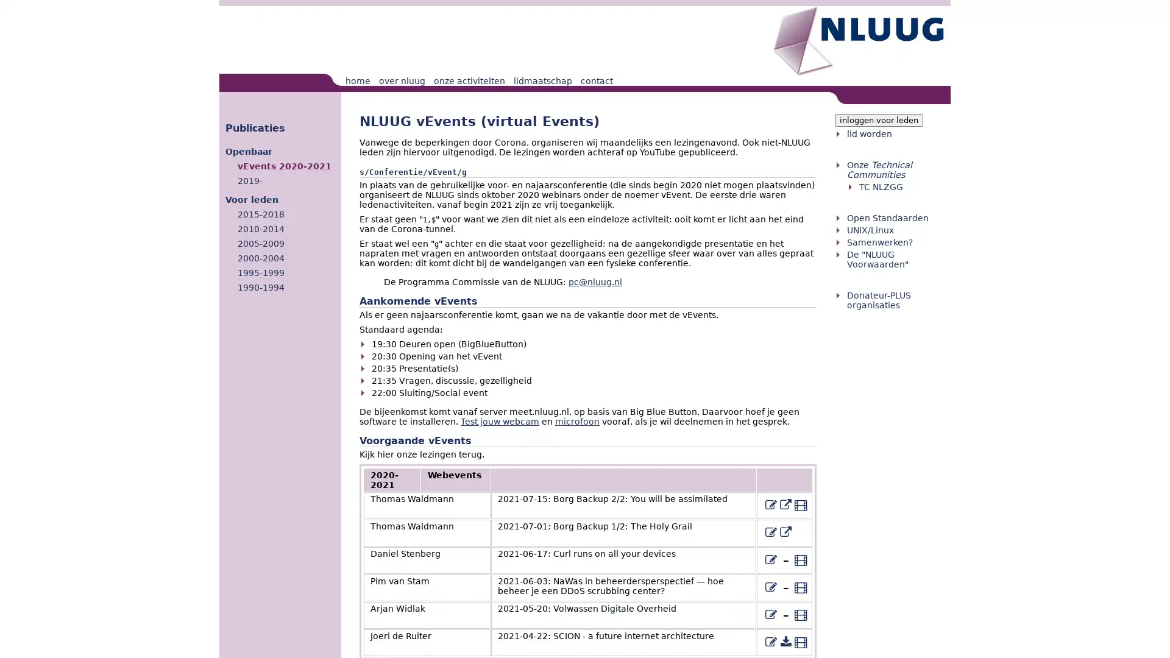 This screenshot has height=658, width=1170. I want to click on inloggen voor leden, so click(879, 120).